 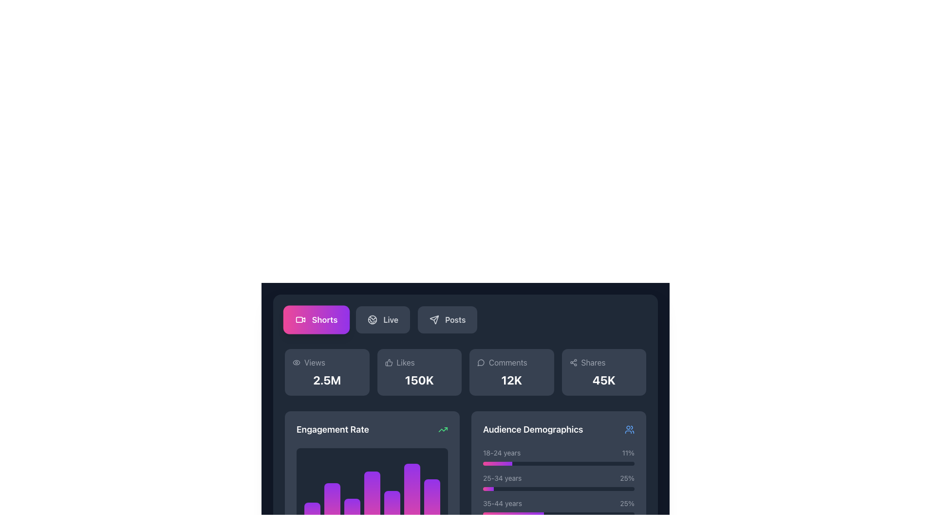 I want to click on the design of the globe icon located to the left of the 'Live' button in the navigation bar, so click(x=372, y=320).